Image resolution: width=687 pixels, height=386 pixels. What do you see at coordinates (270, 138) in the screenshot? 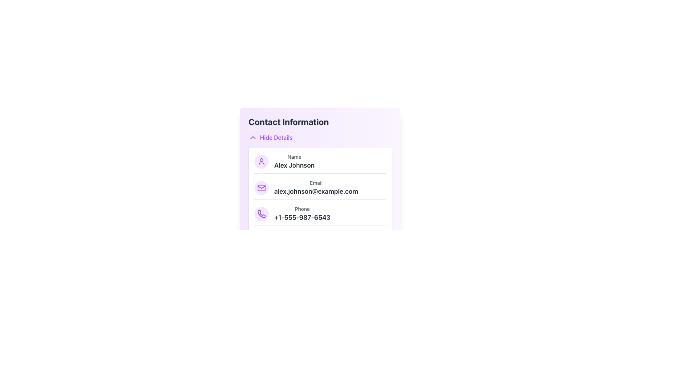
I see `the button located below the 'Contact Information' header` at bounding box center [270, 138].